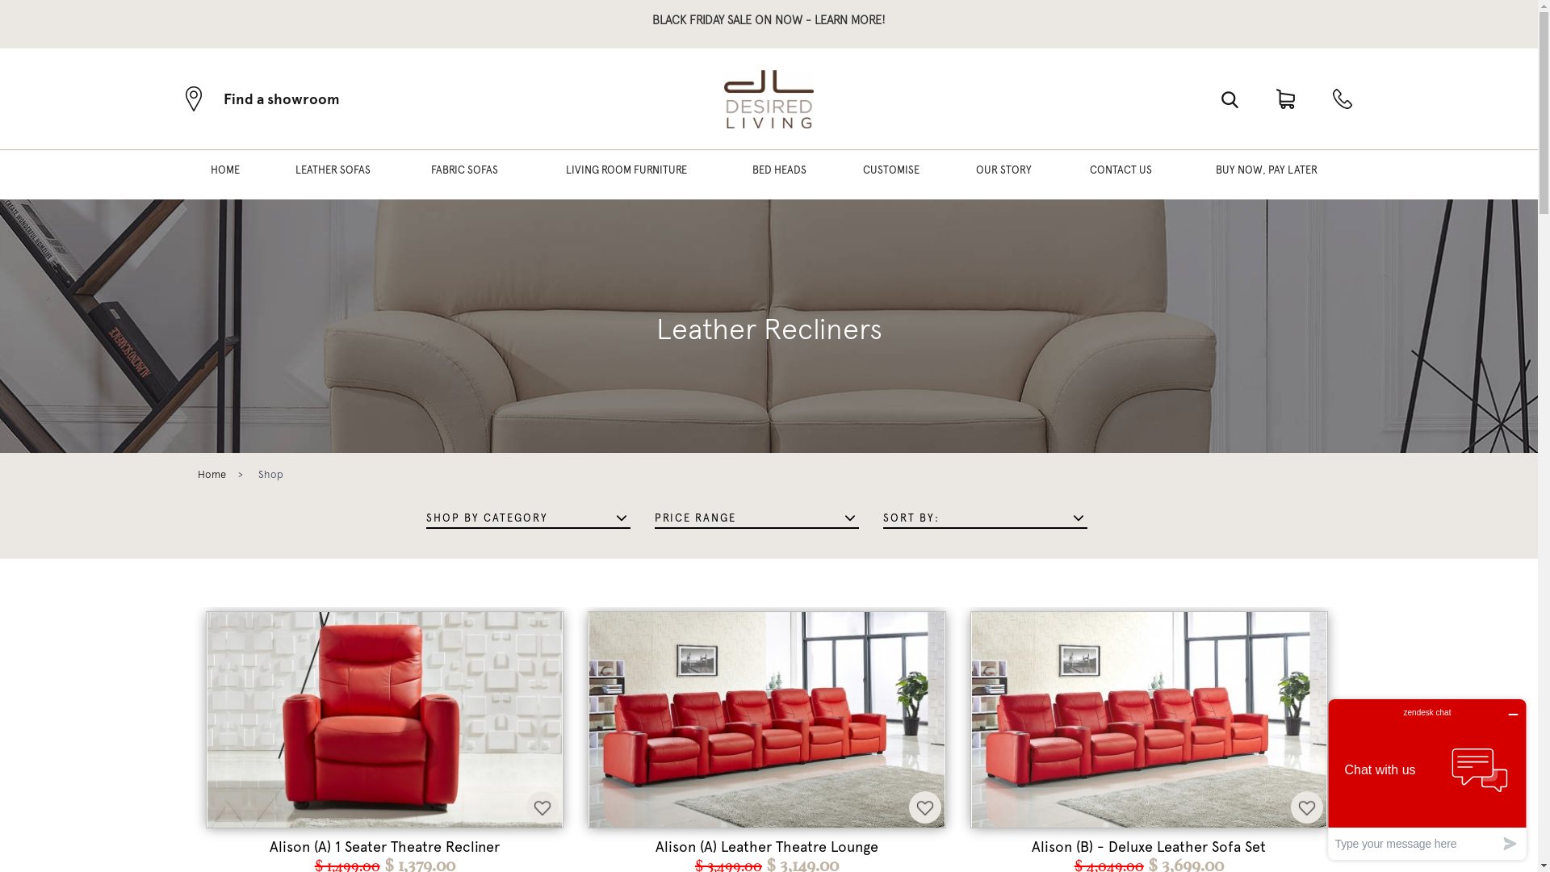 This screenshot has height=872, width=1550. I want to click on 'Alison (B) - Deluxe Leather Sofa Set', so click(1148, 846).